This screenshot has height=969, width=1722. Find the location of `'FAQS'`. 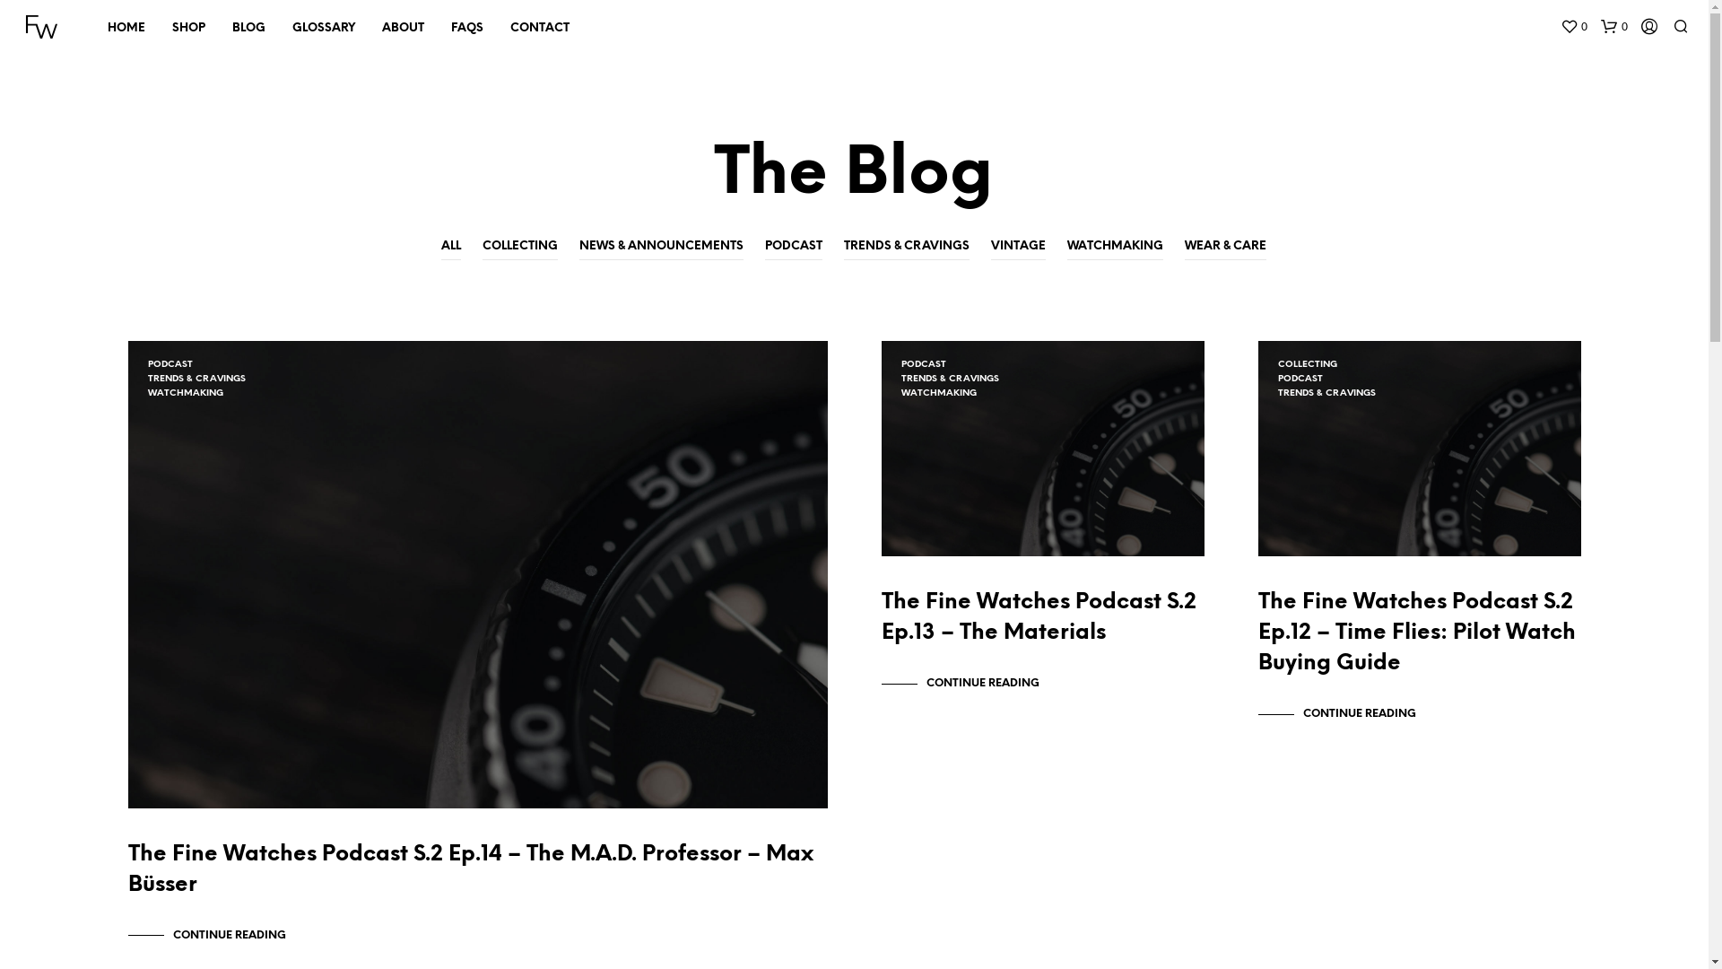

'FAQS' is located at coordinates (467, 28).